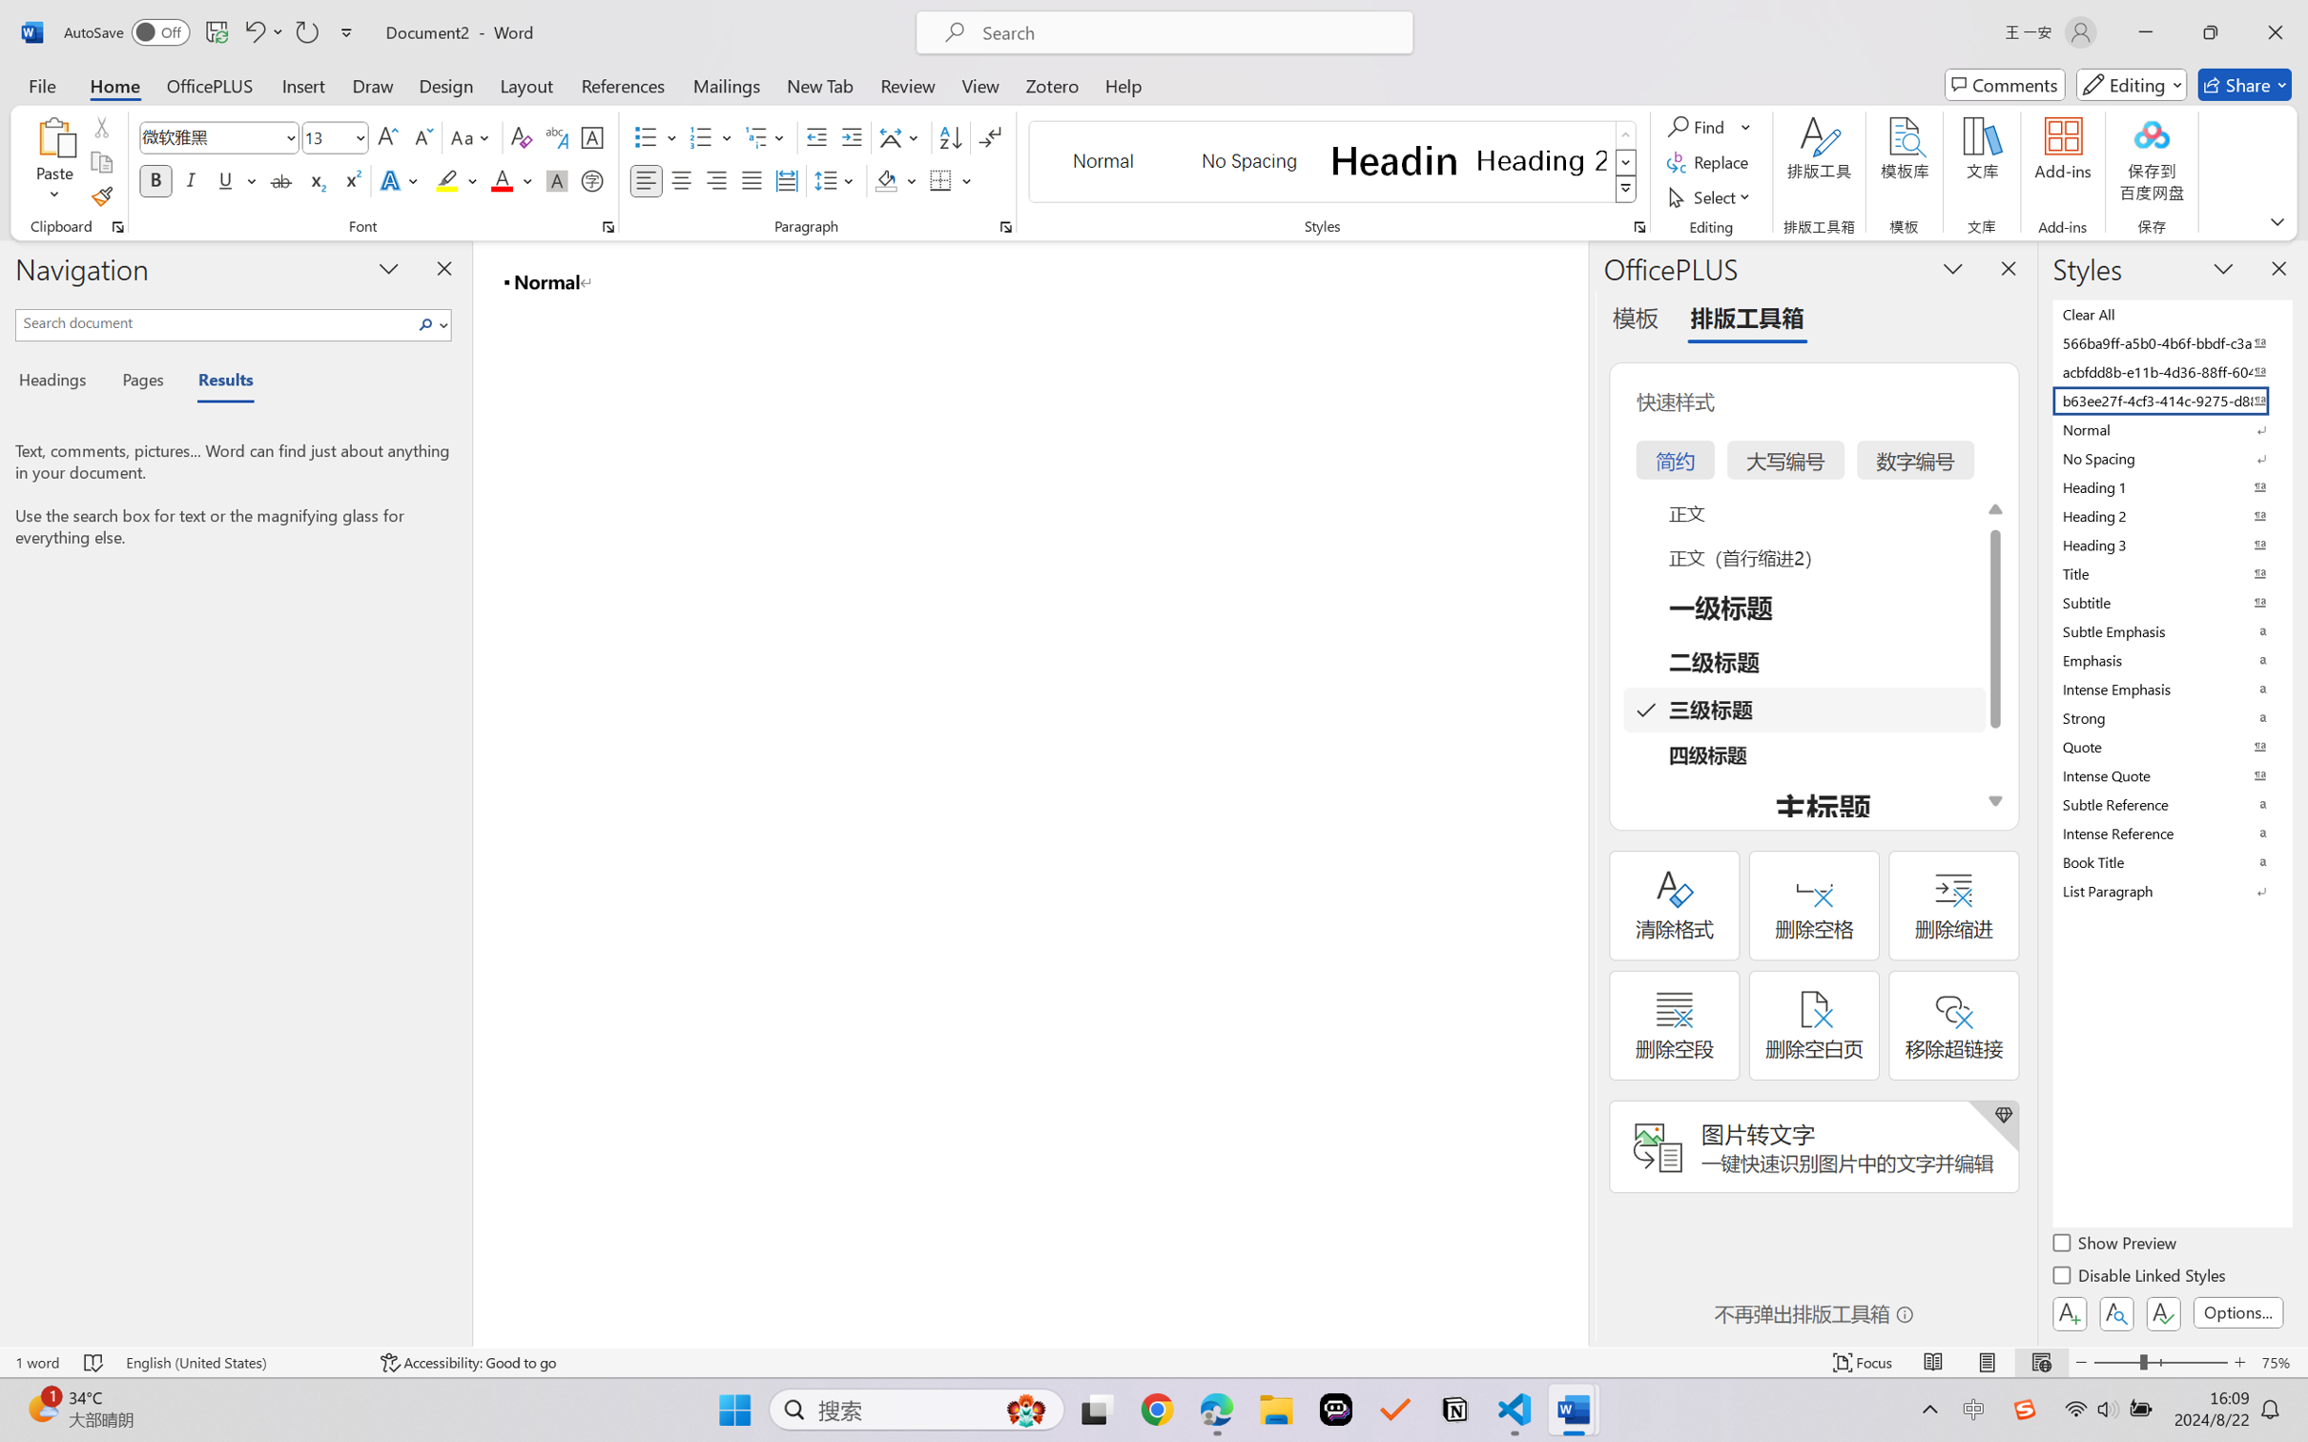  I want to click on 'Strikethrough', so click(280, 179).